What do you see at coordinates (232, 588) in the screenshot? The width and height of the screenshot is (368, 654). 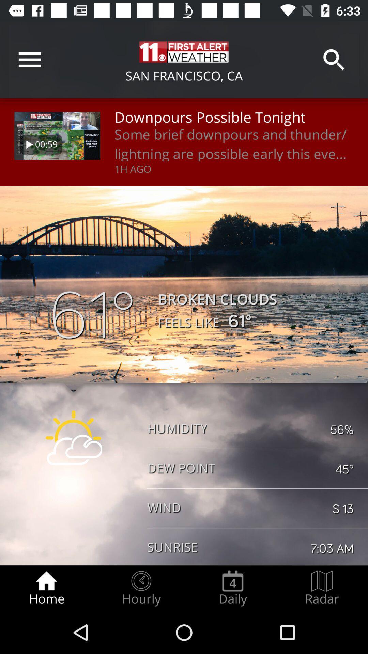 I see `the icon to the right of hourly item` at bounding box center [232, 588].